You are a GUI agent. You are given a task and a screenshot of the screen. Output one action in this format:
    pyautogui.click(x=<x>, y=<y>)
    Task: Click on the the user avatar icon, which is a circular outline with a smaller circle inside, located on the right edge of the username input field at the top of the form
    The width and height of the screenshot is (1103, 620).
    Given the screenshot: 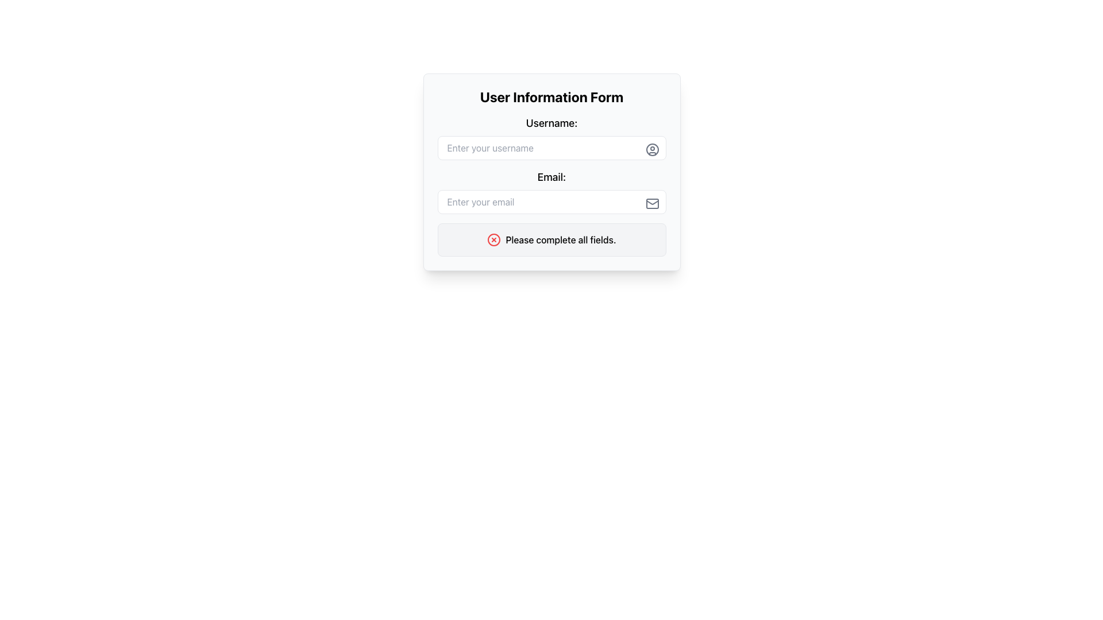 What is the action you would take?
    pyautogui.click(x=652, y=149)
    